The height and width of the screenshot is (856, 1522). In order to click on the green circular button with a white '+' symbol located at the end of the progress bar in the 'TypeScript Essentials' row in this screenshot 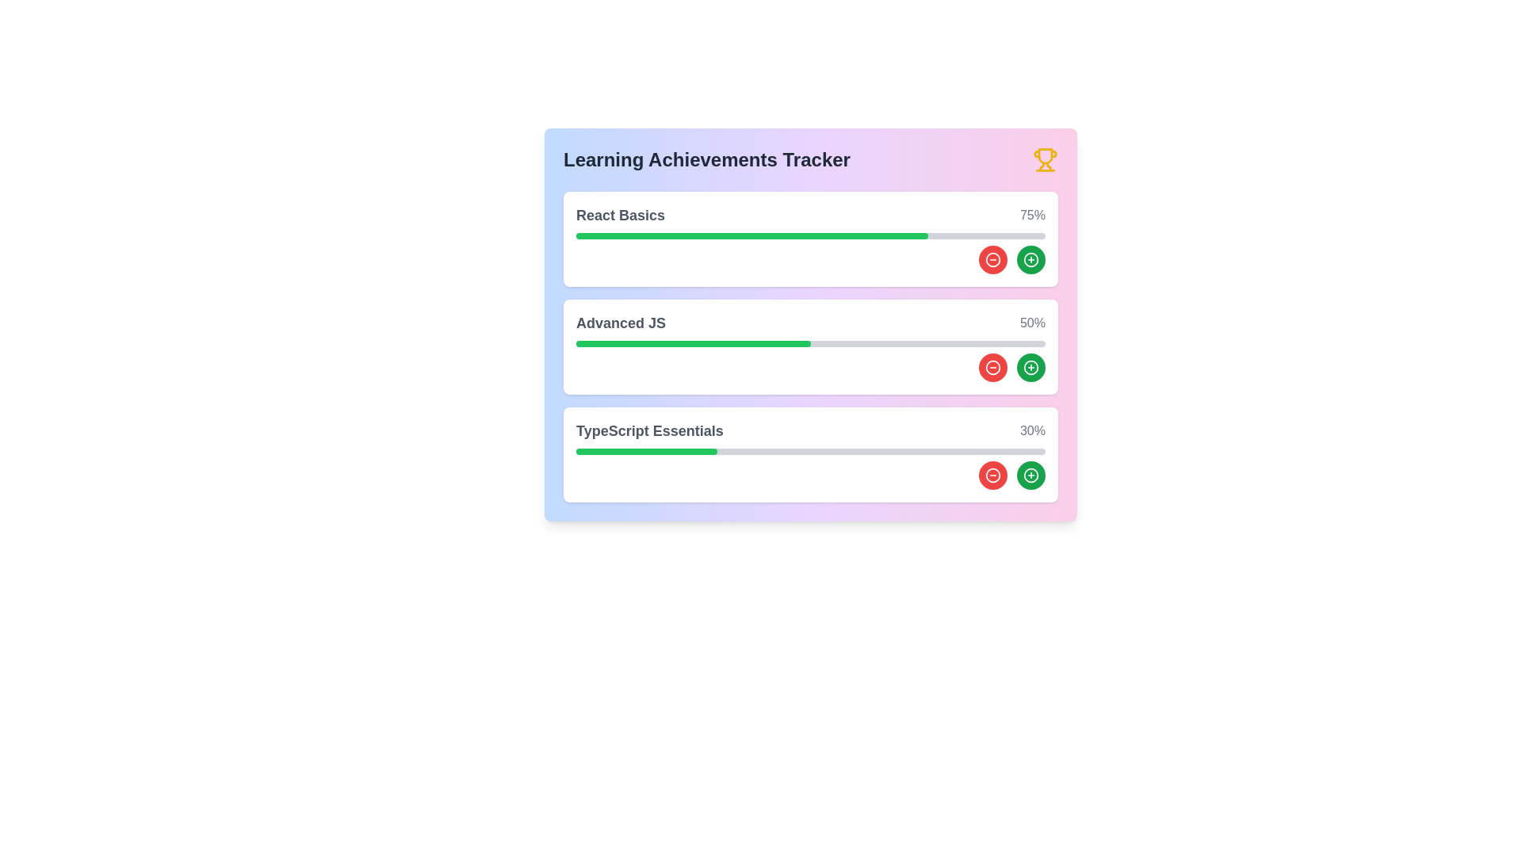, I will do `click(1031, 475)`.